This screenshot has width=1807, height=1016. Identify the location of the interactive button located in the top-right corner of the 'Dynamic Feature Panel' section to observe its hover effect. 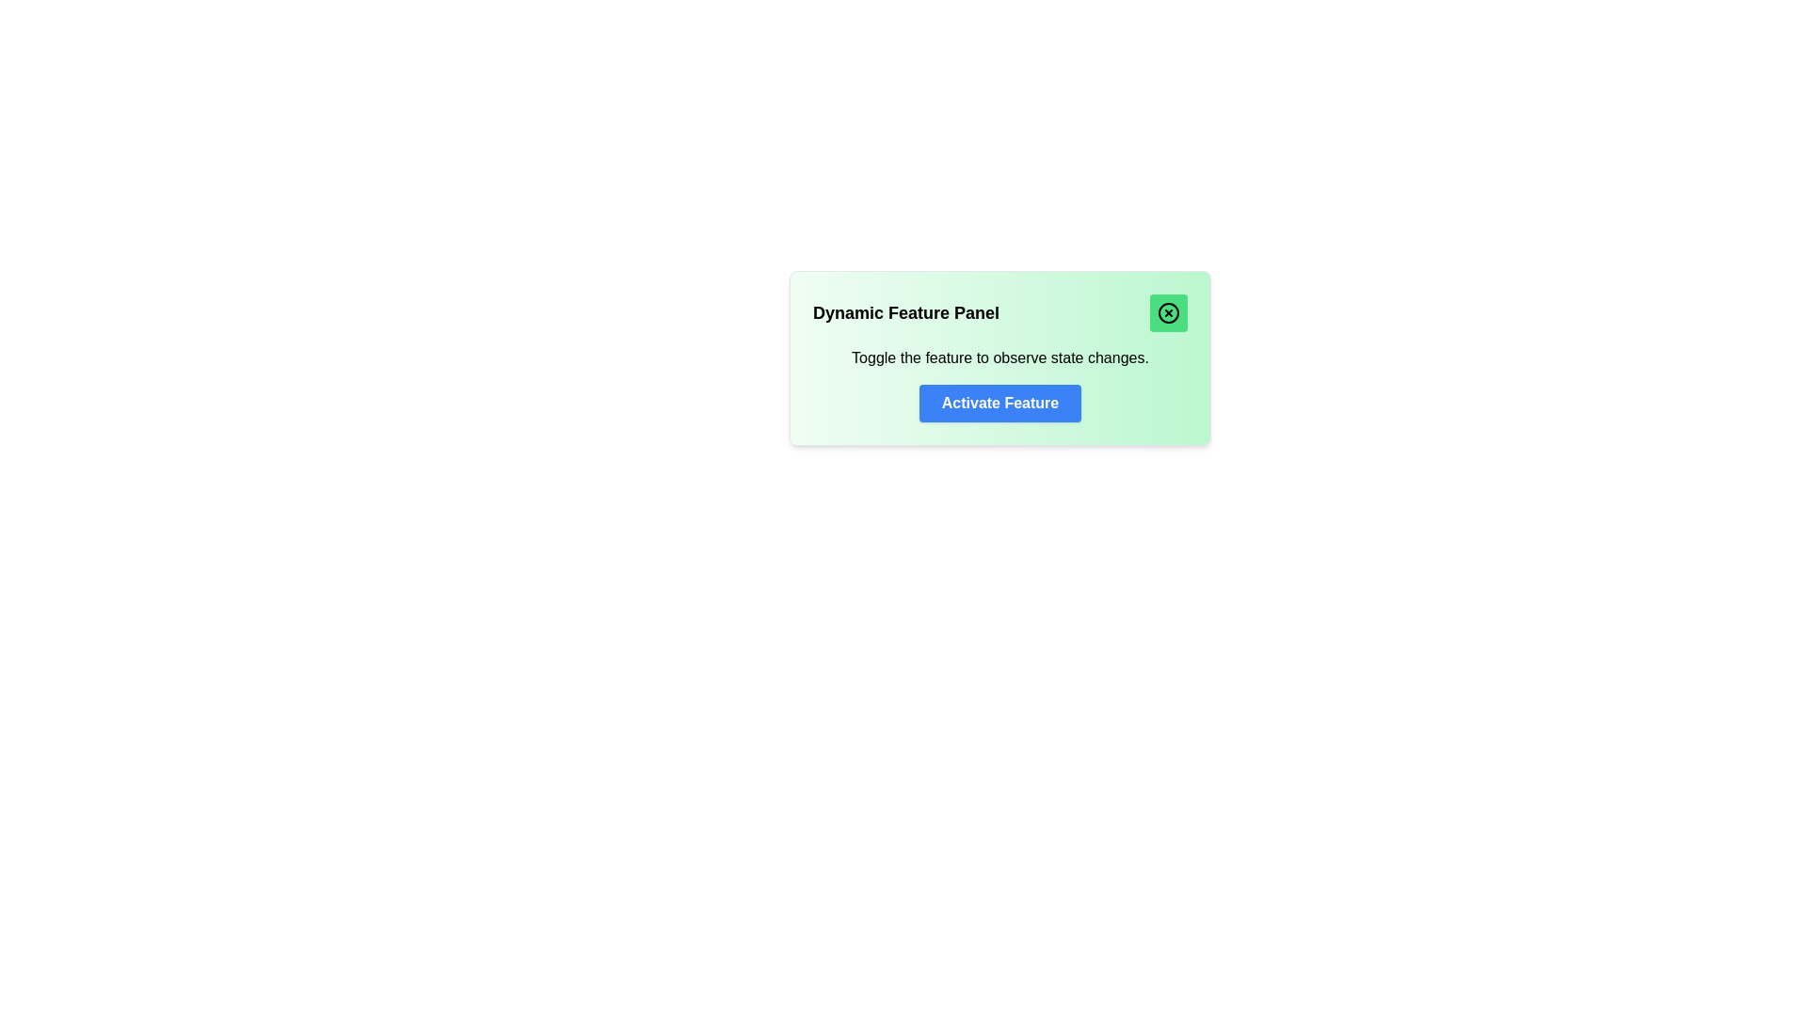
(1168, 311).